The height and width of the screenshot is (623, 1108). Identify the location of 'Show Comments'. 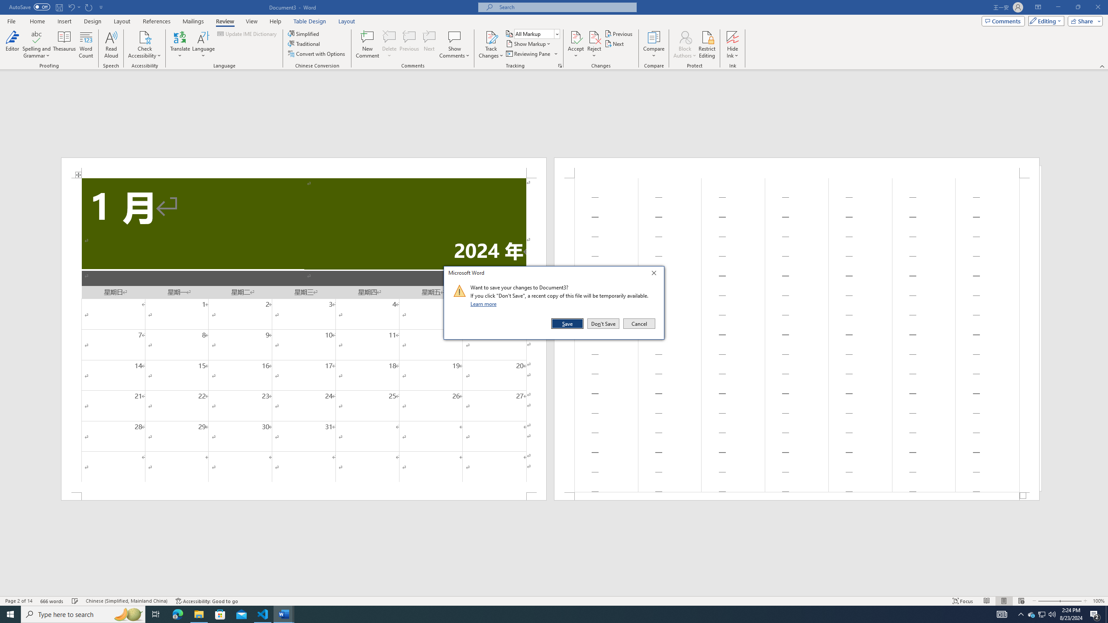
(454, 45).